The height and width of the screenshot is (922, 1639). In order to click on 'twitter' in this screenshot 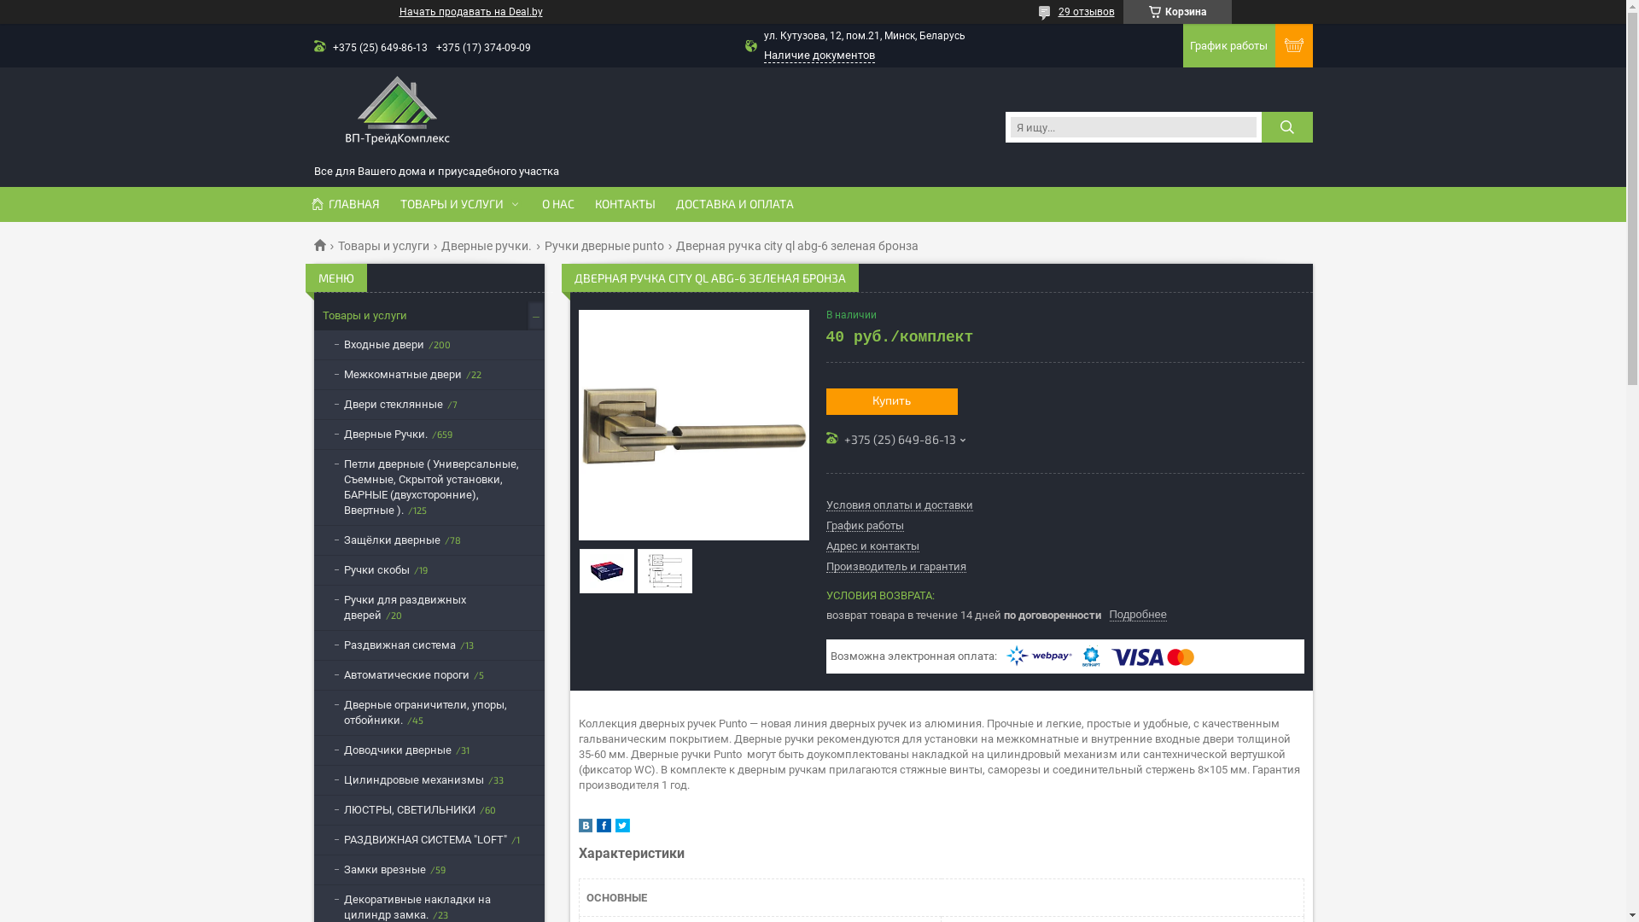, I will do `click(621, 827)`.